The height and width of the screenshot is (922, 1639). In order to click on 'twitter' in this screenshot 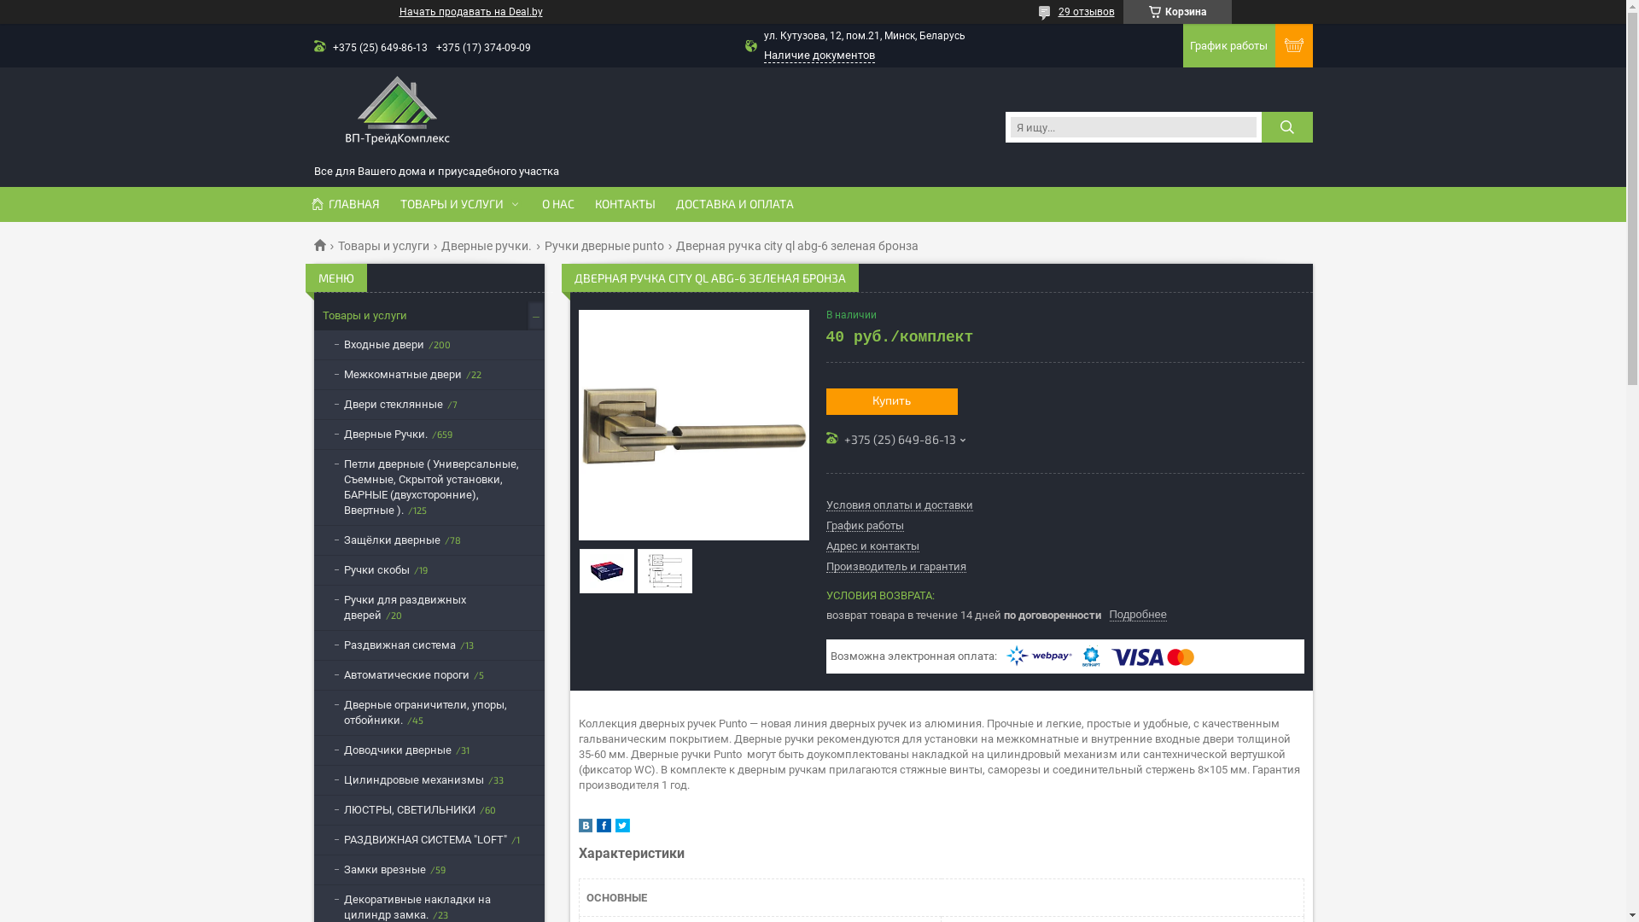, I will do `click(621, 827)`.